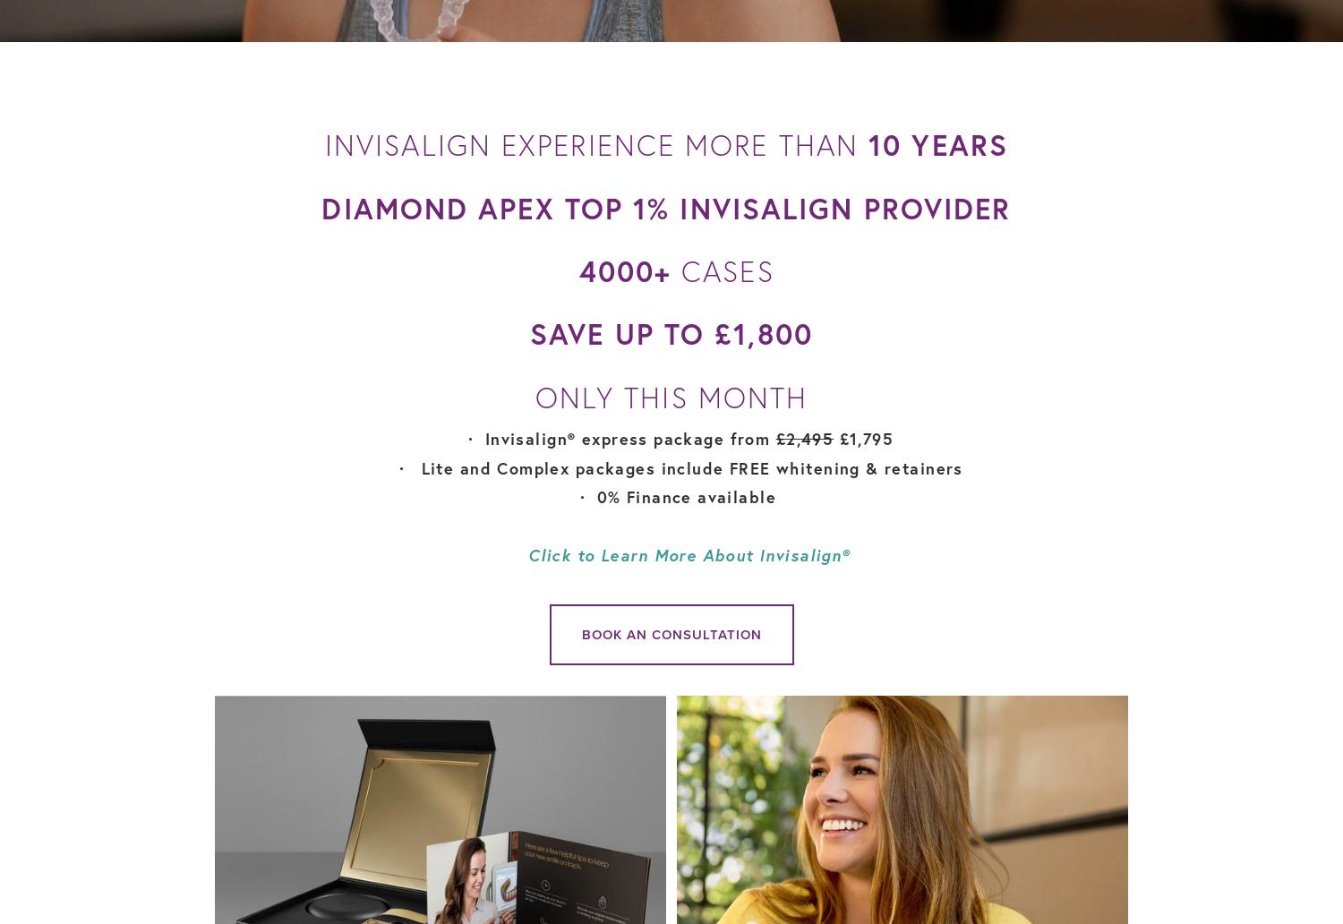 This screenshot has height=924, width=1343. I want to click on 'Lite and Complex packages include FREE whitening & retainers', so click(689, 466).